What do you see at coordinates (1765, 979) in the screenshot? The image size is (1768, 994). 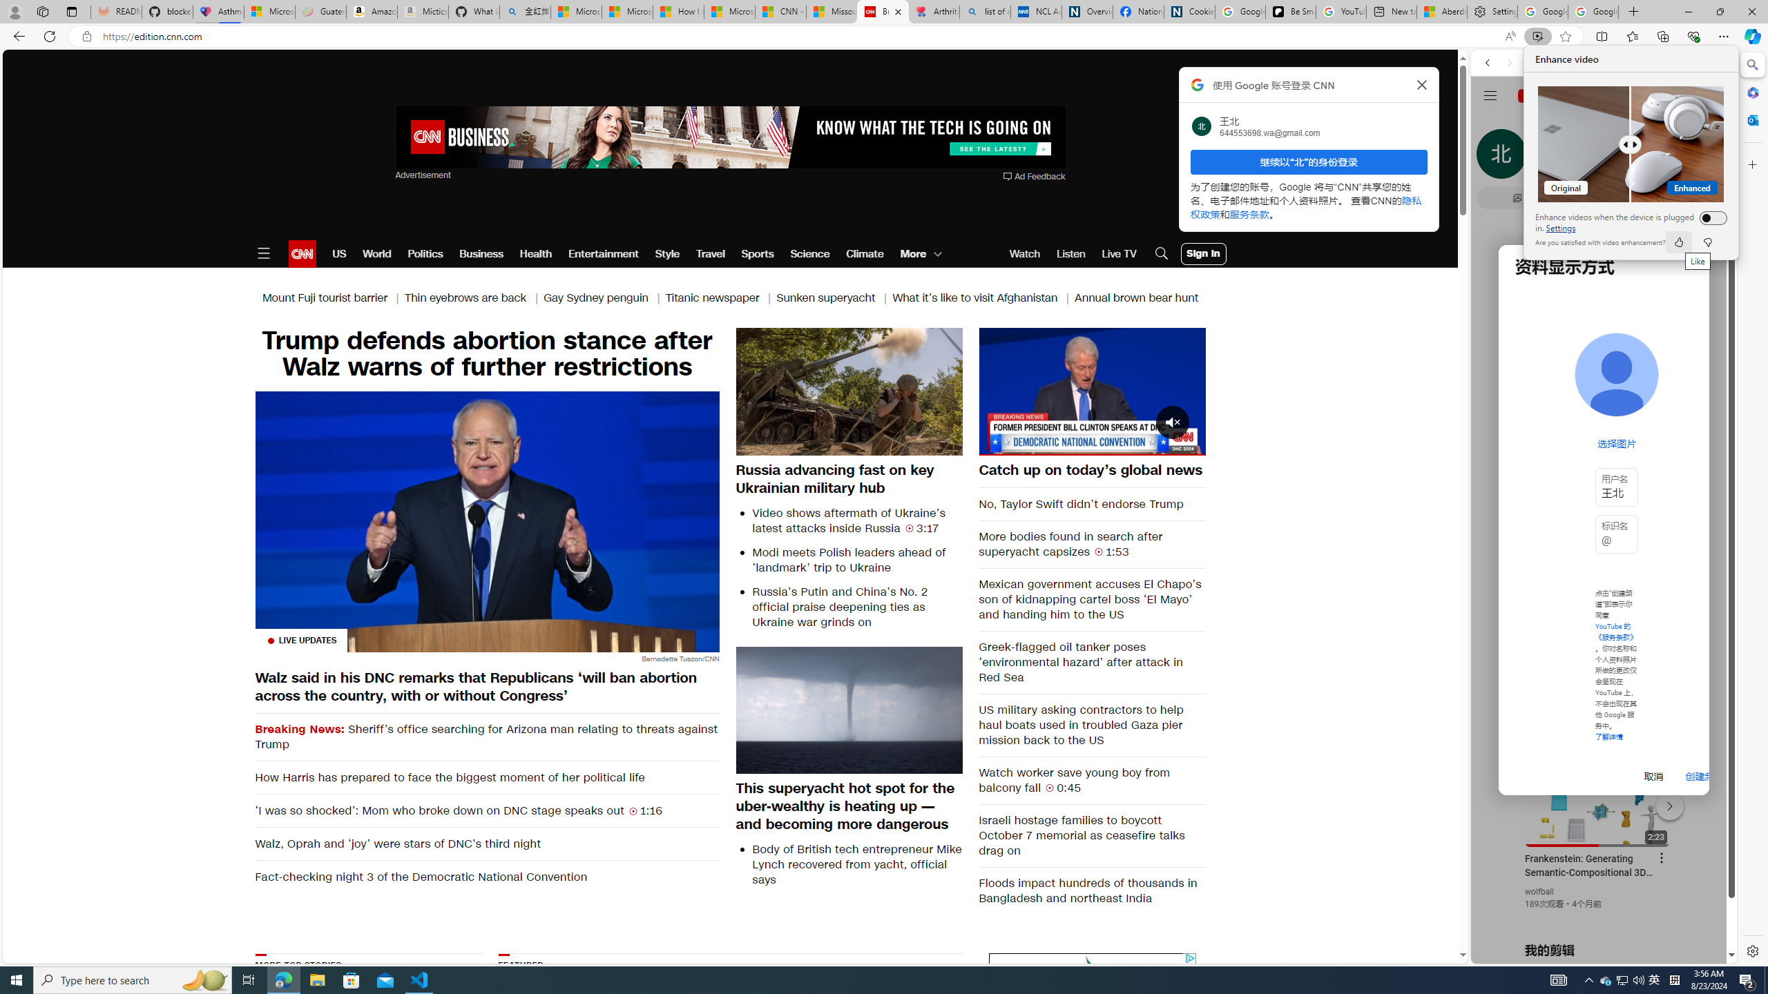 I see `'Show desktop'` at bounding box center [1765, 979].